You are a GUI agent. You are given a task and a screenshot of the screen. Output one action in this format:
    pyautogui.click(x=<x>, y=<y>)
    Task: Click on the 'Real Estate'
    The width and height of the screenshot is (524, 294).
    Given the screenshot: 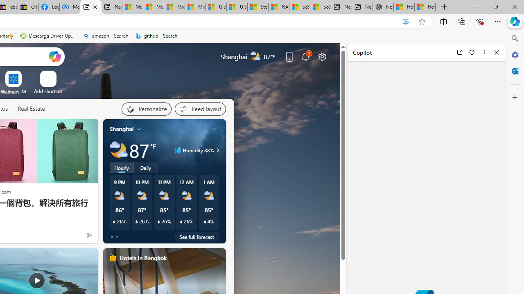 What is the action you would take?
    pyautogui.click(x=31, y=109)
    